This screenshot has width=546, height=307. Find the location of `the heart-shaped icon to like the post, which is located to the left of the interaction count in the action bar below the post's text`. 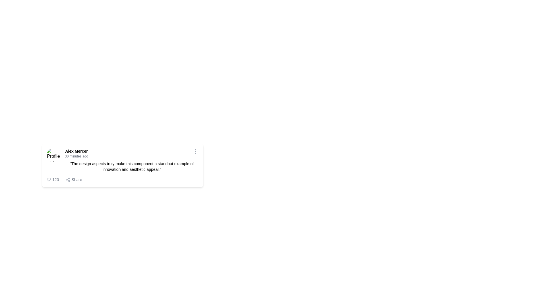

the heart-shaped icon to like the post, which is located to the left of the interaction count in the action bar below the post's text is located at coordinates (49, 180).